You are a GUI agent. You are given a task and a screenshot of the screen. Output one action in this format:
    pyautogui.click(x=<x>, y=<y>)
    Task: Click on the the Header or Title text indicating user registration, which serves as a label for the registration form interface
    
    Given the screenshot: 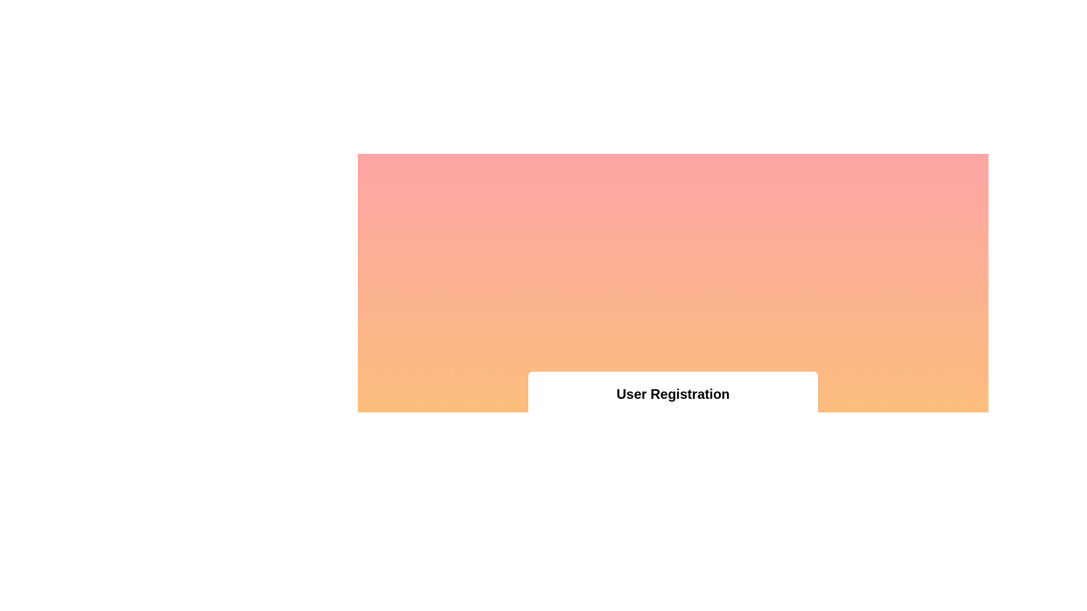 What is the action you would take?
    pyautogui.click(x=673, y=394)
    